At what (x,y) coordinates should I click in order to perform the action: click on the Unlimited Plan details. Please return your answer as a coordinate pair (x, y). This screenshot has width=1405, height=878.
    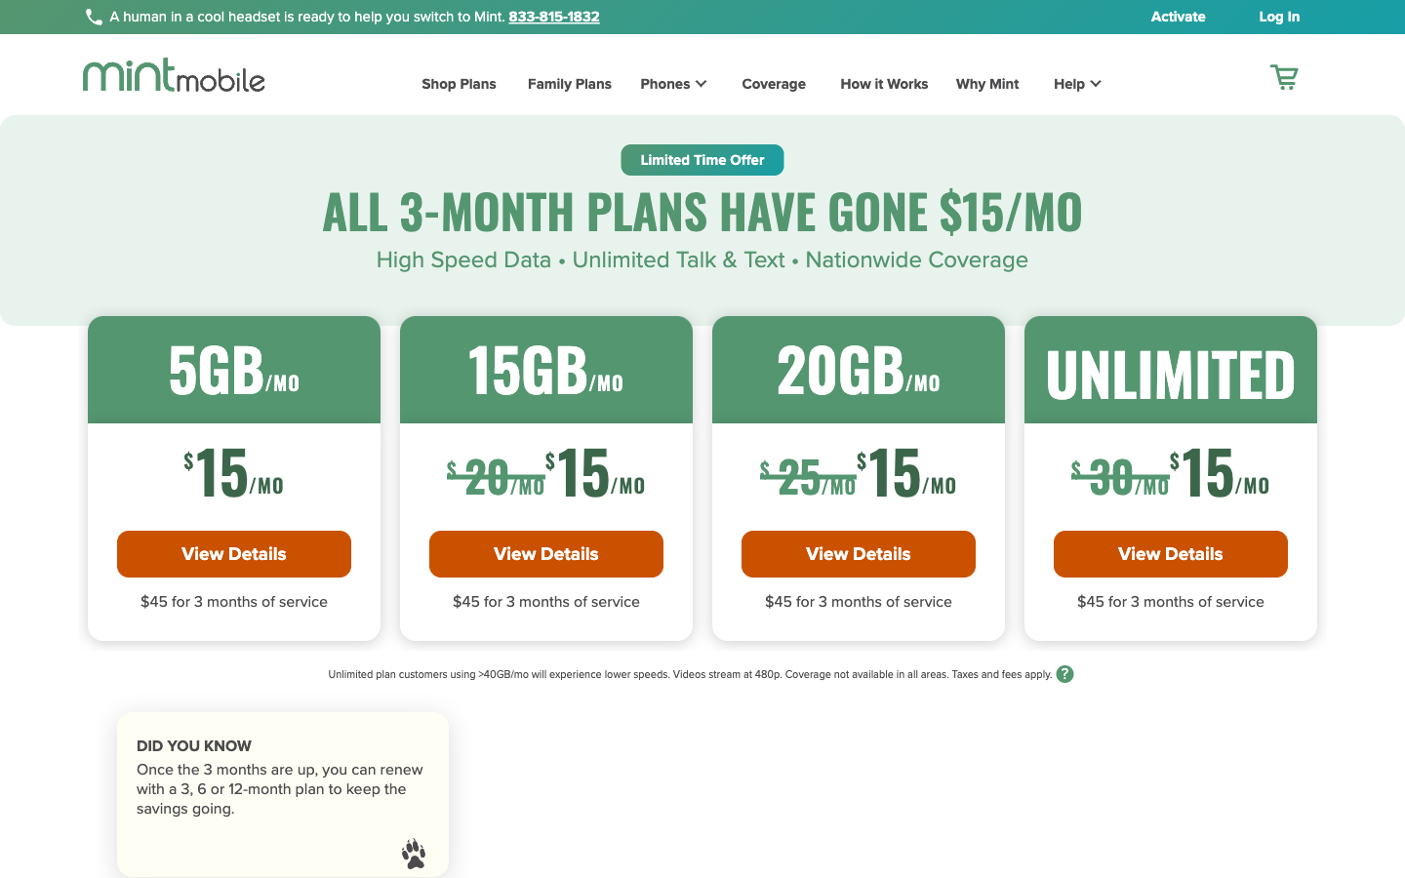
    Looking at the image, I should click on (1170, 553).